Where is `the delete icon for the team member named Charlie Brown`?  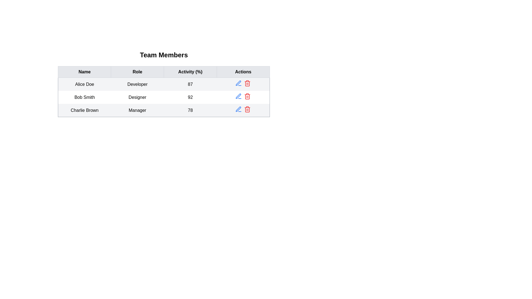
the delete icon for the team member named Charlie Brown is located at coordinates (247, 109).